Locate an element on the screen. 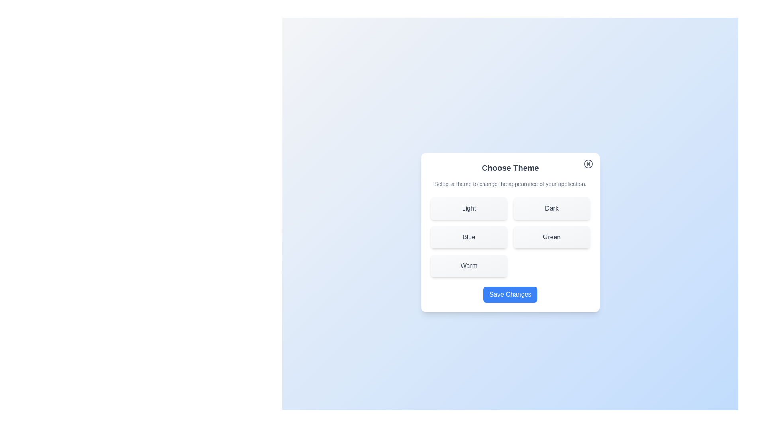 The width and height of the screenshot is (765, 430). the theme Green by clicking its corresponding button is located at coordinates (551, 237).